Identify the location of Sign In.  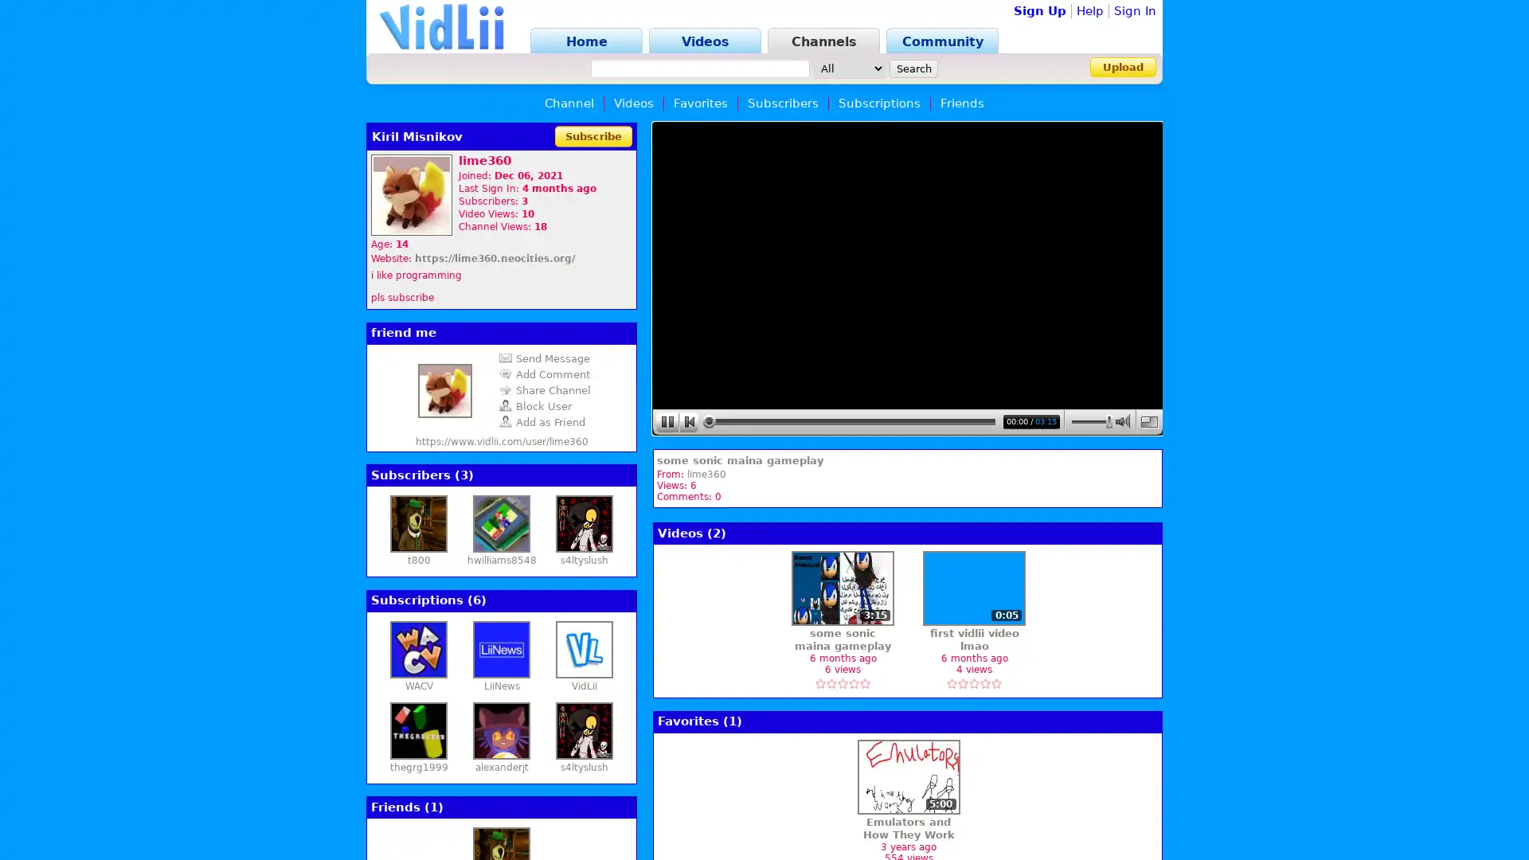
(1073, 88).